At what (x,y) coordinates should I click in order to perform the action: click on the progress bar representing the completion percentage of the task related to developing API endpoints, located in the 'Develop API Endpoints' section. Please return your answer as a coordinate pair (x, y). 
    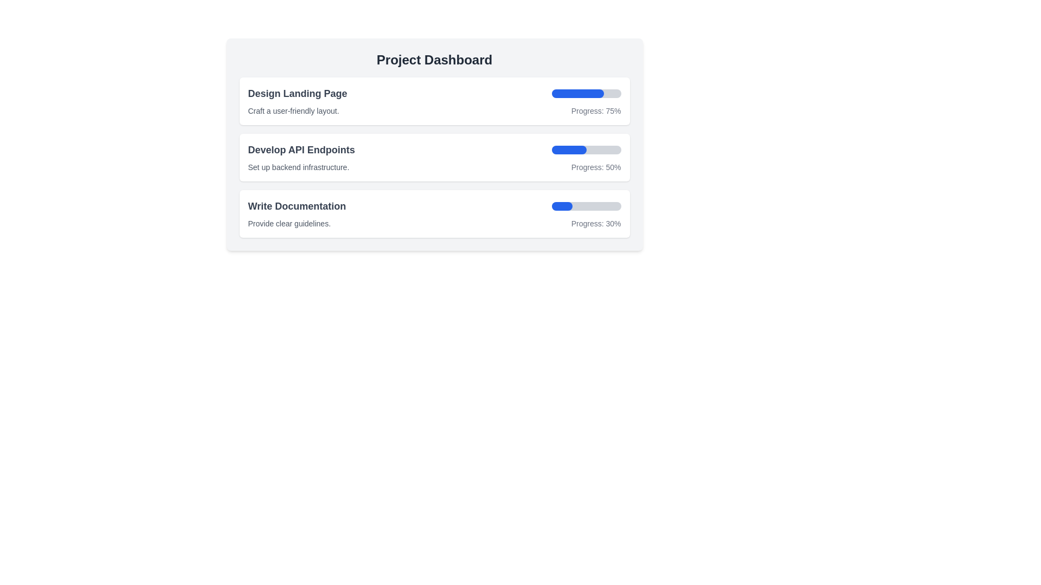
    Looking at the image, I should click on (586, 150).